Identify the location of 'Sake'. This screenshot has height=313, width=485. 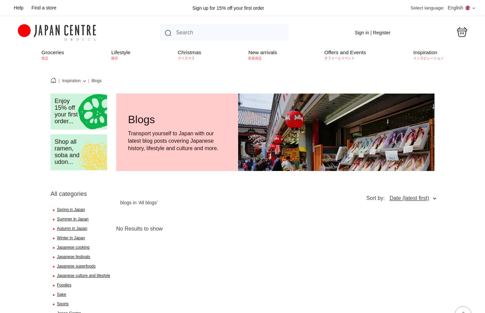
(61, 294).